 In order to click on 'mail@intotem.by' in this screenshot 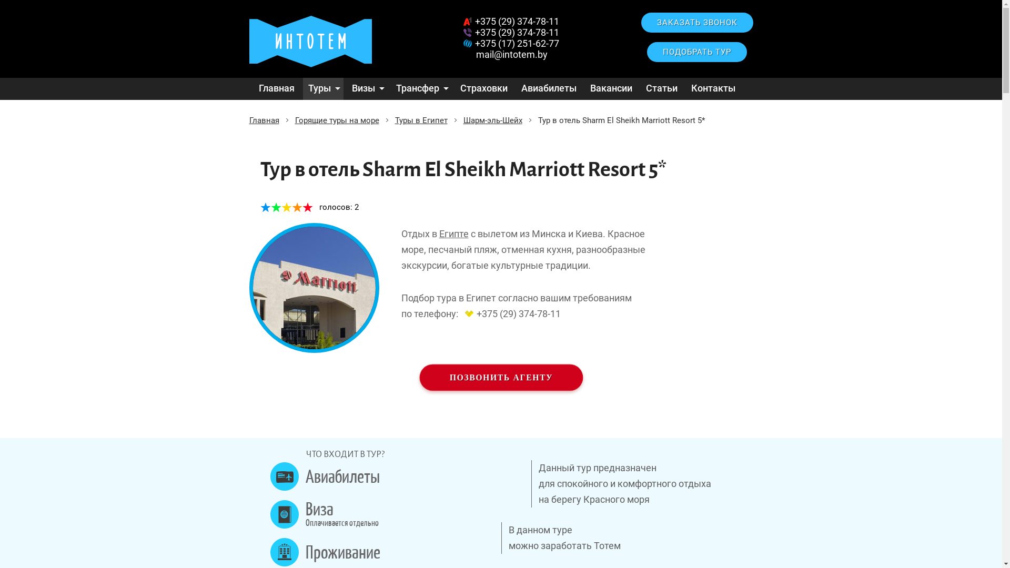, I will do `click(512, 54)`.